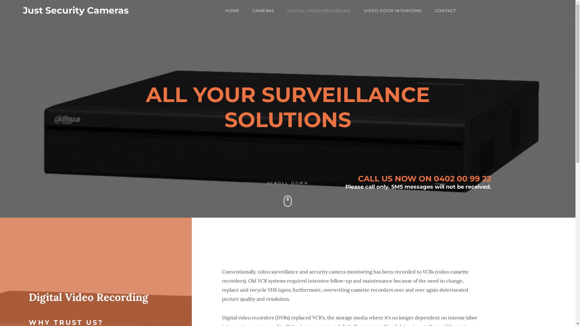  I want to click on 'HOME', so click(232, 10).